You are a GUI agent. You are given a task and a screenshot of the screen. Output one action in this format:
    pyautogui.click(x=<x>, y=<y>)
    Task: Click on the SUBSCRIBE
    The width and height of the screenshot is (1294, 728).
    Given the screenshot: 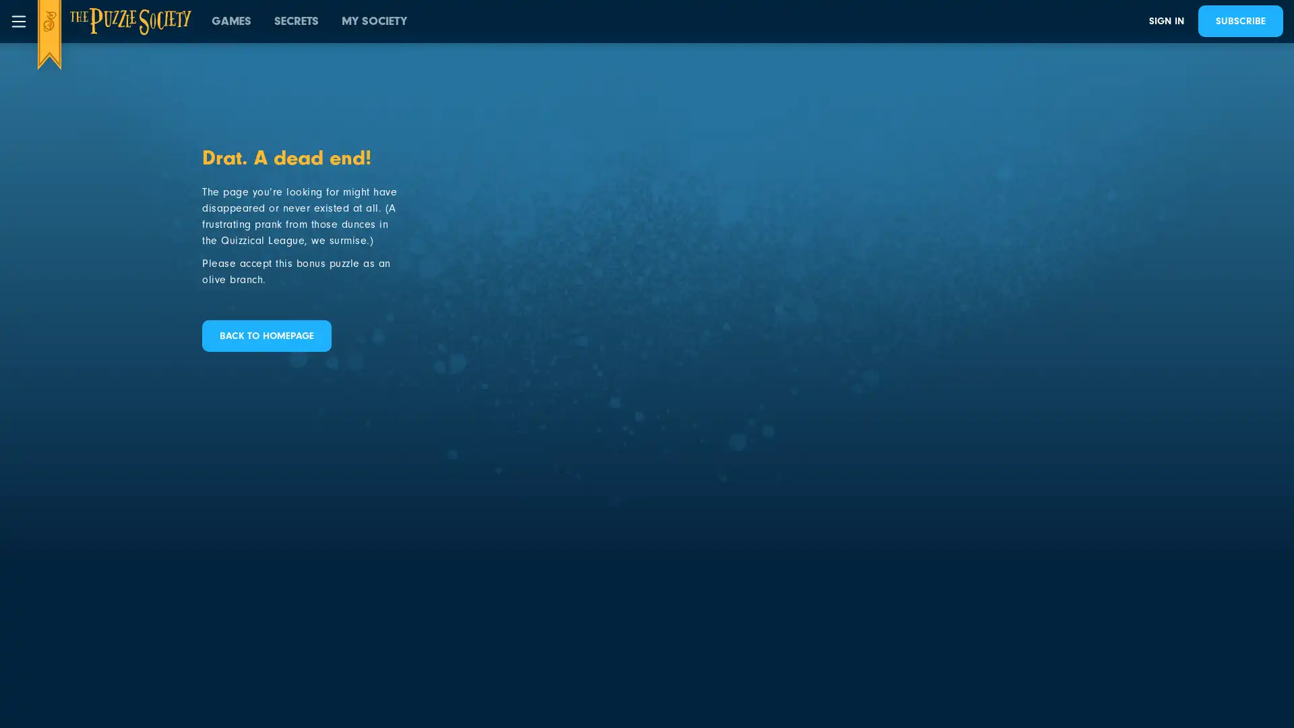 What is the action you would take?
    pyautogui.click(x=1240, y=21)
    